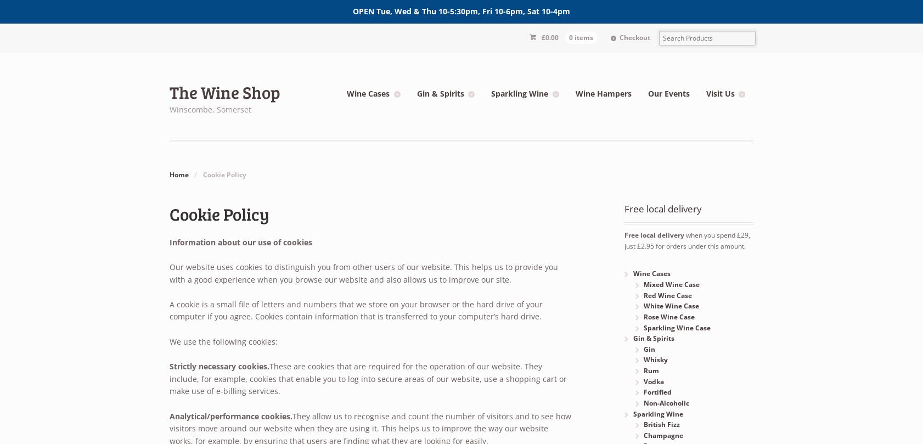 The image size is (923, 444). I want to click on 'Sparkling Wine Case', so click(643, 327).